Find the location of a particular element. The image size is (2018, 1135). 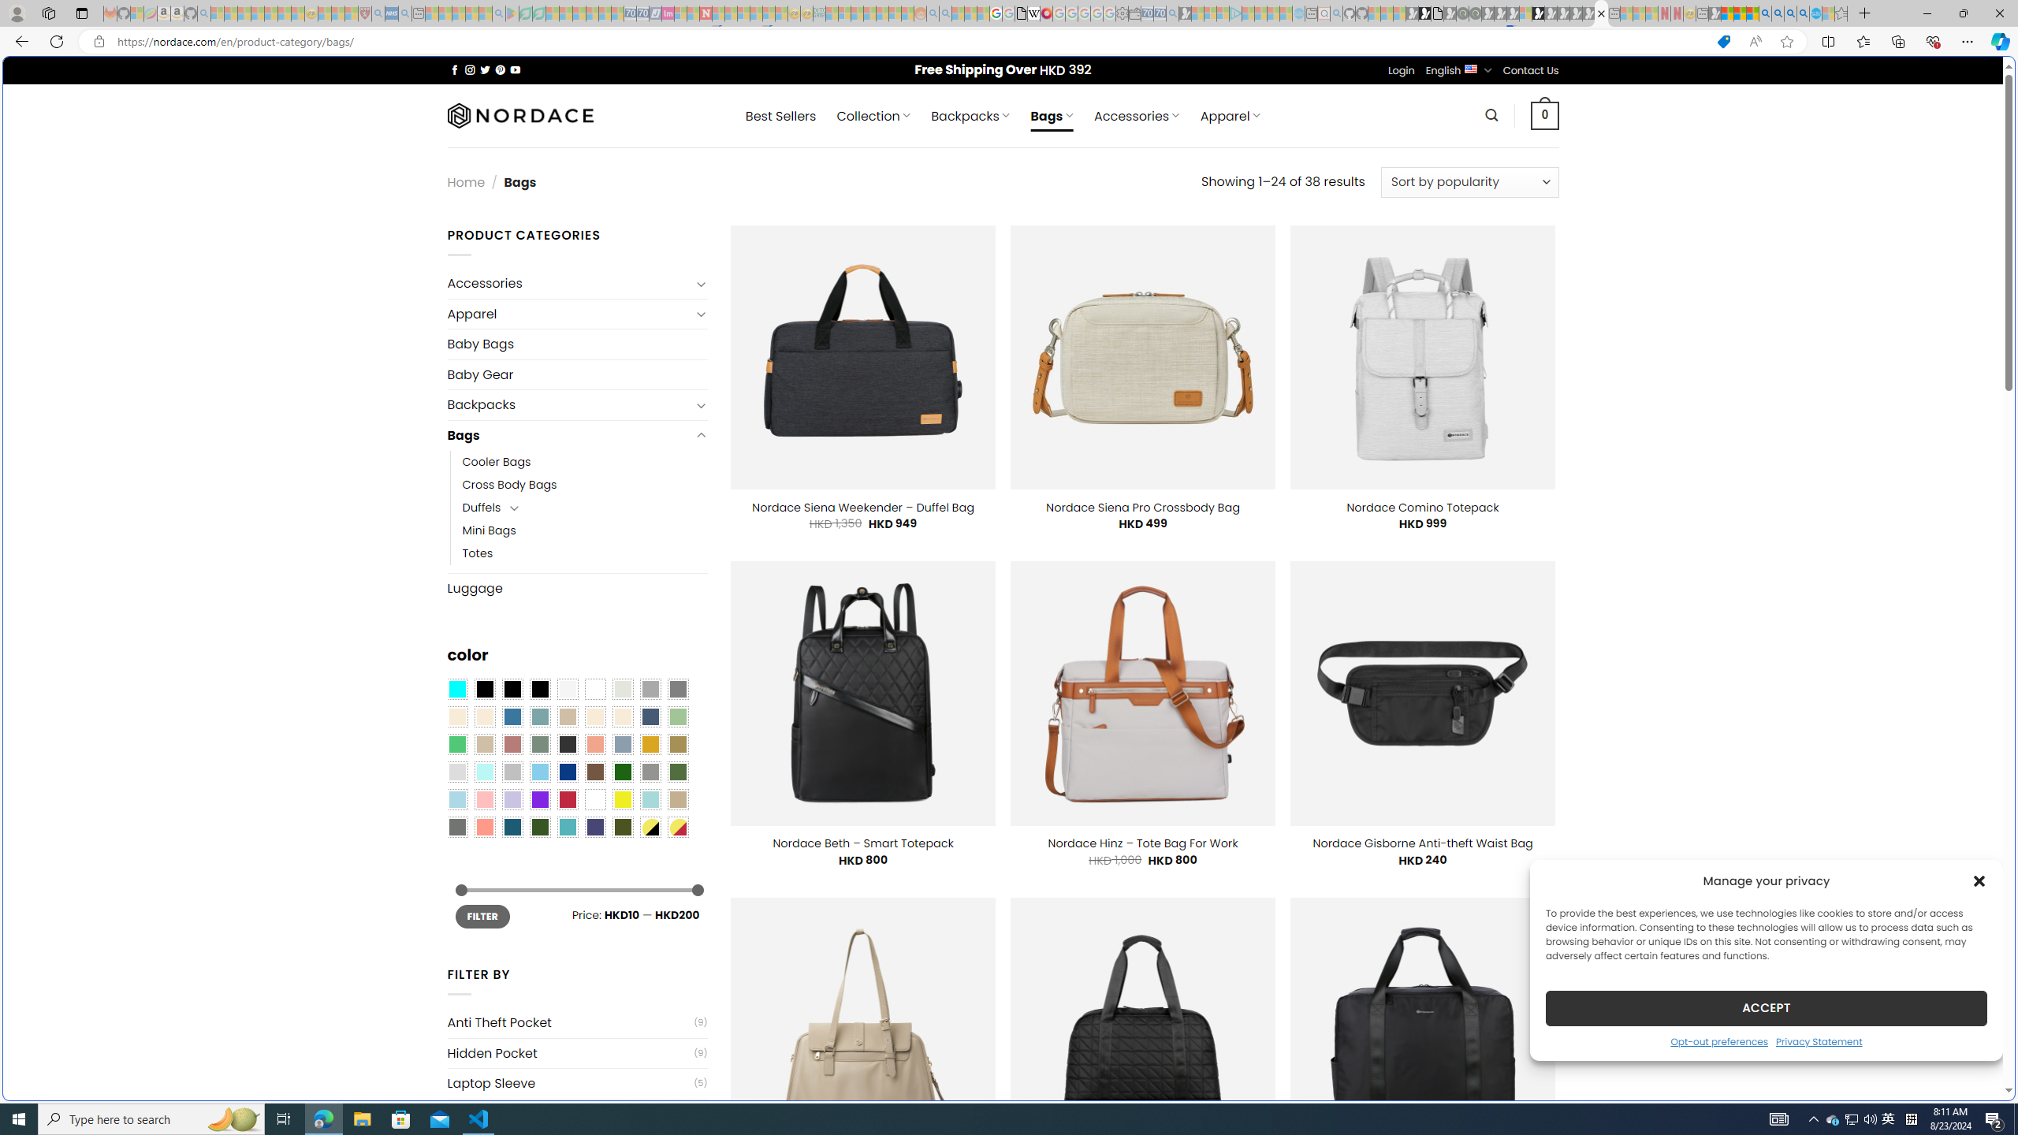

'Laptop Sleeve' is located at coordinates (569, 1083).